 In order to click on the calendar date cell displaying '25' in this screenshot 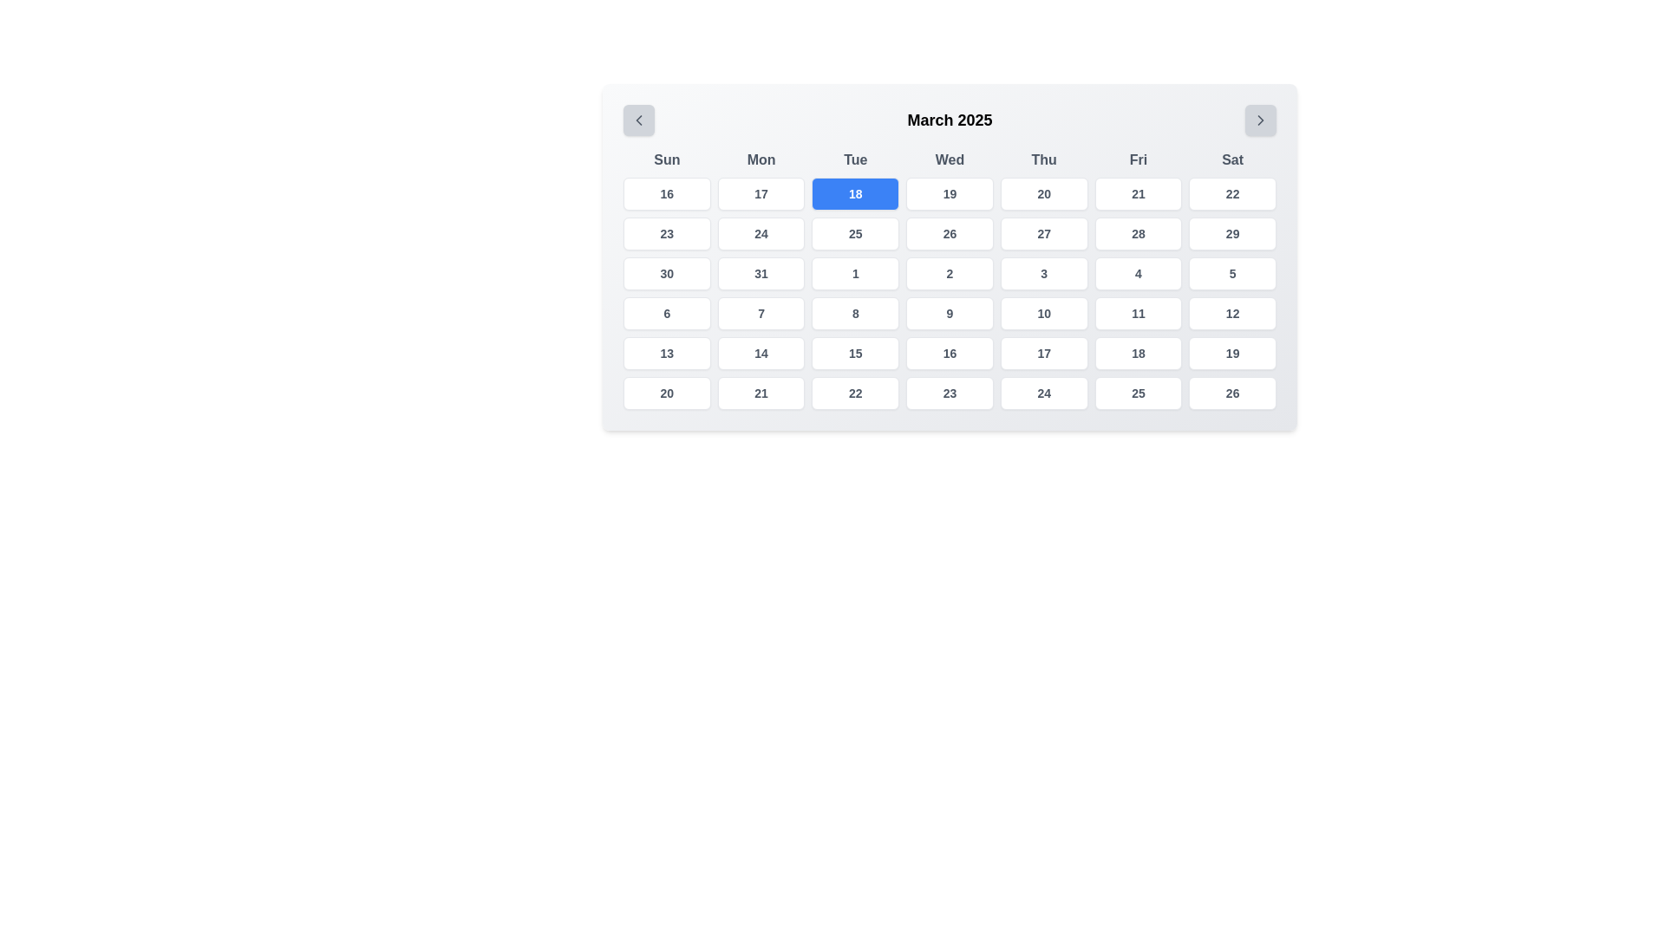, I will do `click(1138, 393)`.